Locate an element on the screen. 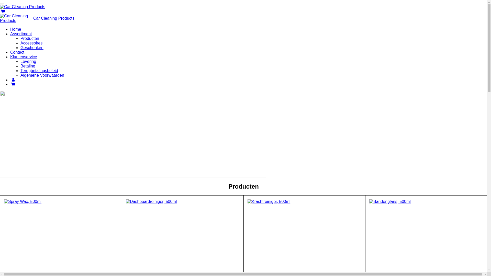  'Levering' is located at coordinates (28, 61).